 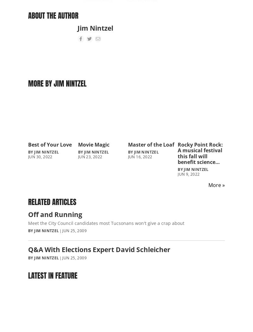 I want to click on 'Jun  9, 2022', so click(x=178, y=174).